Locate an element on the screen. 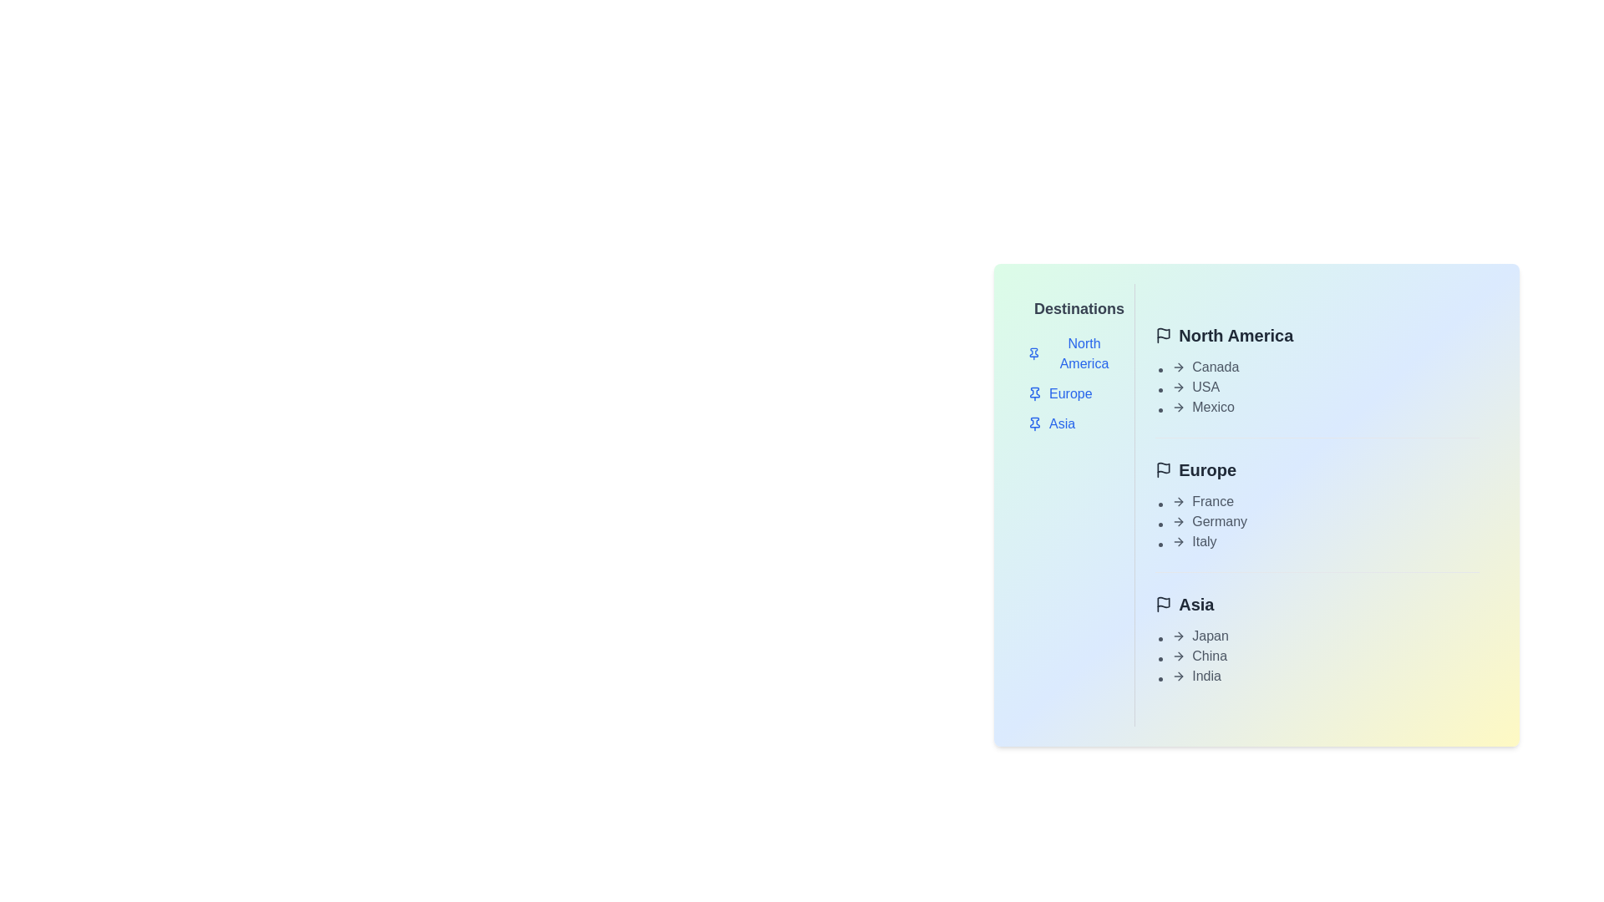  the flag icon to the left of the text 'Asia', which is part of a list of region headings is located at coordinates (1163, 605).